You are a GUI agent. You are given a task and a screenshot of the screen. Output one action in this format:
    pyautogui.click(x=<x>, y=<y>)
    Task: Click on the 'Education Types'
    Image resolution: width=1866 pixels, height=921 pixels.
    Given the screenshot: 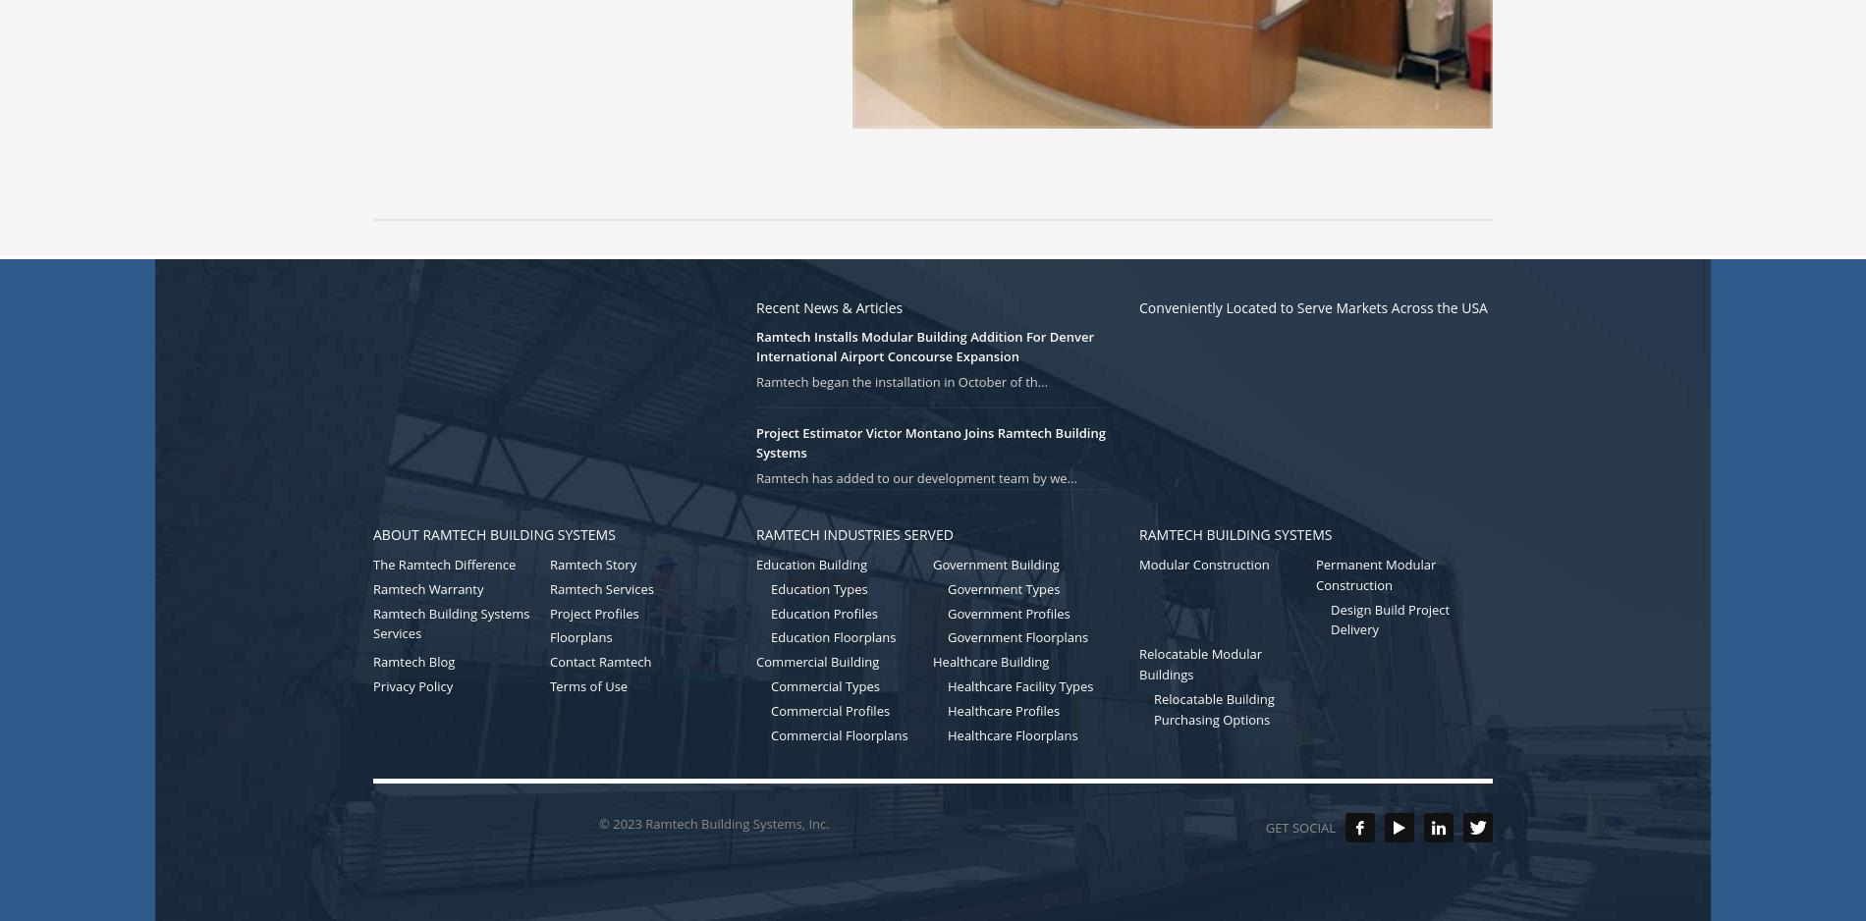 What is the action you would take?
    pyautogui.click(x=817, y=587)
    